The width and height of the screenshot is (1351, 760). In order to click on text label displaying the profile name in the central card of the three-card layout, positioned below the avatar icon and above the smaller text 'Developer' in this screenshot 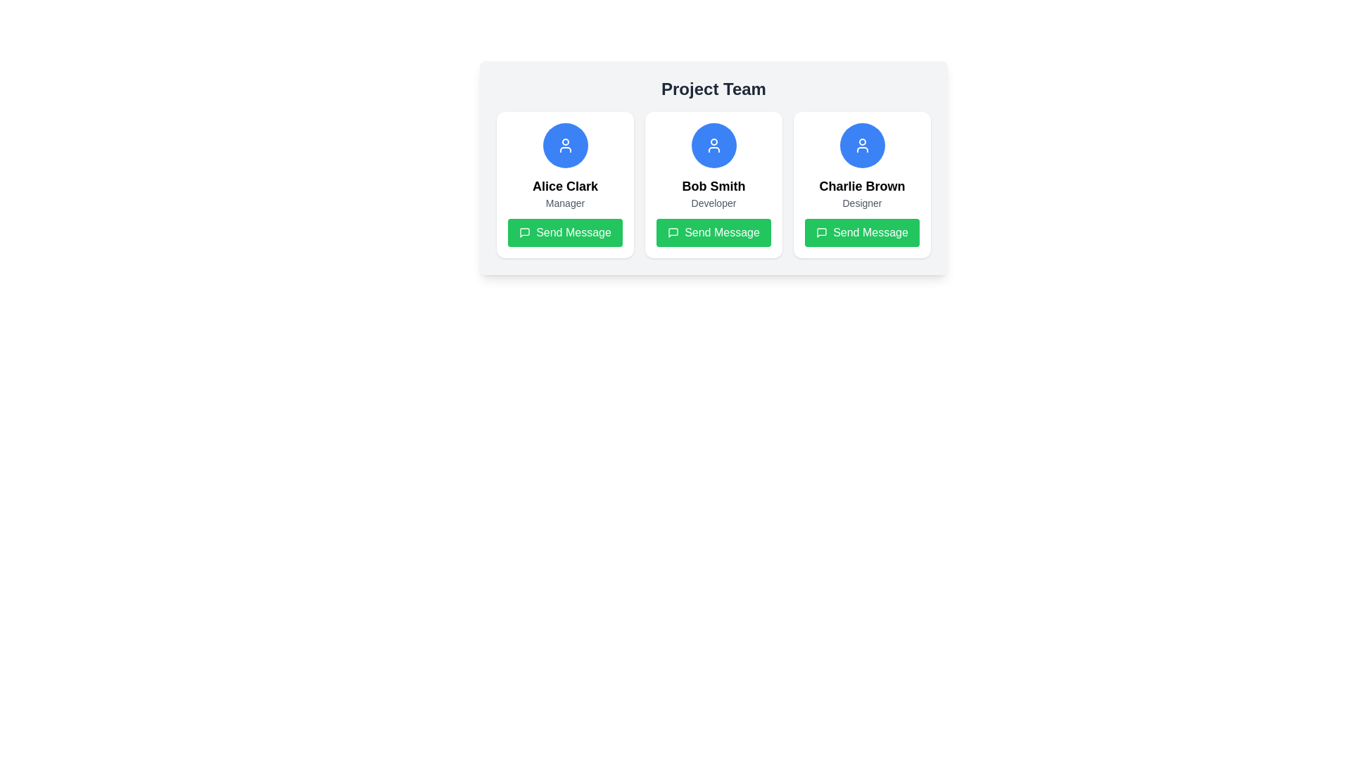, I will do `click(713, 186)`.